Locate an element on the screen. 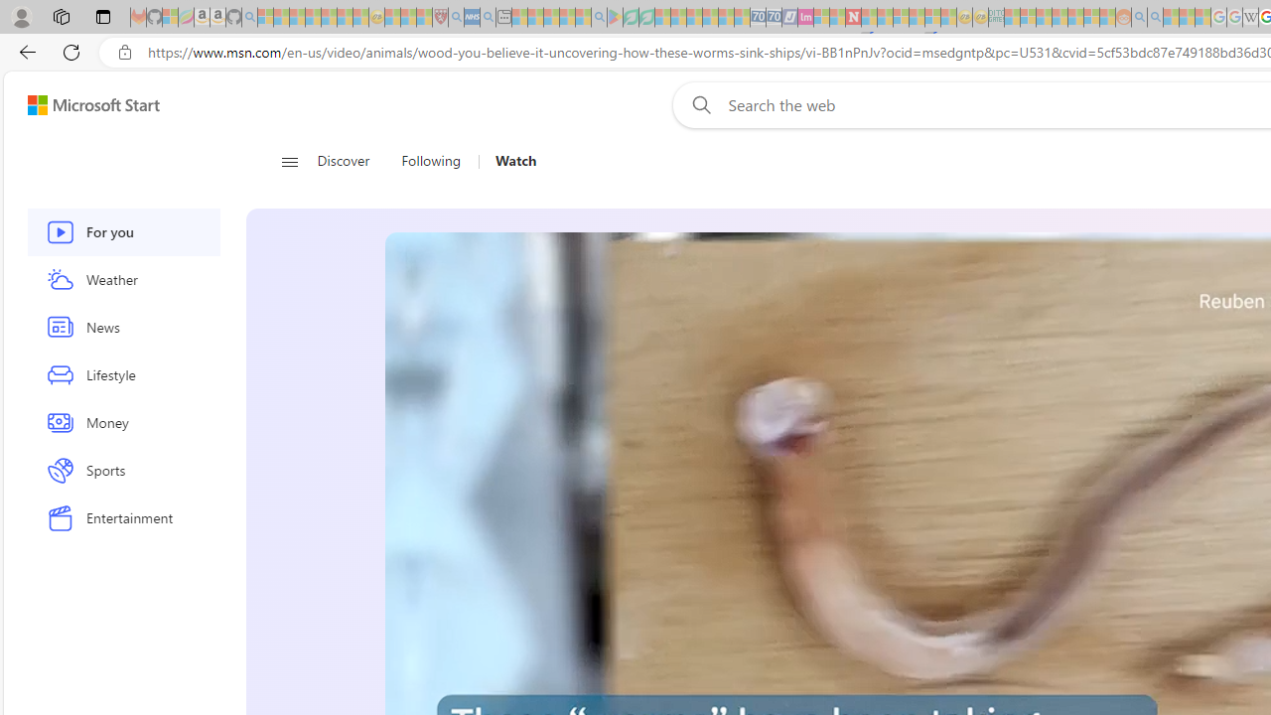 Image resolution: width=1271 pixels, height=715 pixels. 'MSNBC - MSN - Sleeping' is located at coordinates (1012, 17).